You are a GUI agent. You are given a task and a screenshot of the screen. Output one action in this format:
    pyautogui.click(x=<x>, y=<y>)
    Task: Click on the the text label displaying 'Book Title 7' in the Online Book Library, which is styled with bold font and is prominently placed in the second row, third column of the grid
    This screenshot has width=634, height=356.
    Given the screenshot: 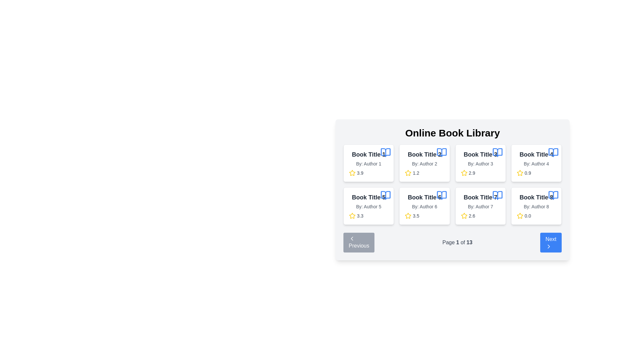 What is the action you would take?
    pyautogui.click(x=480, y=197)
    